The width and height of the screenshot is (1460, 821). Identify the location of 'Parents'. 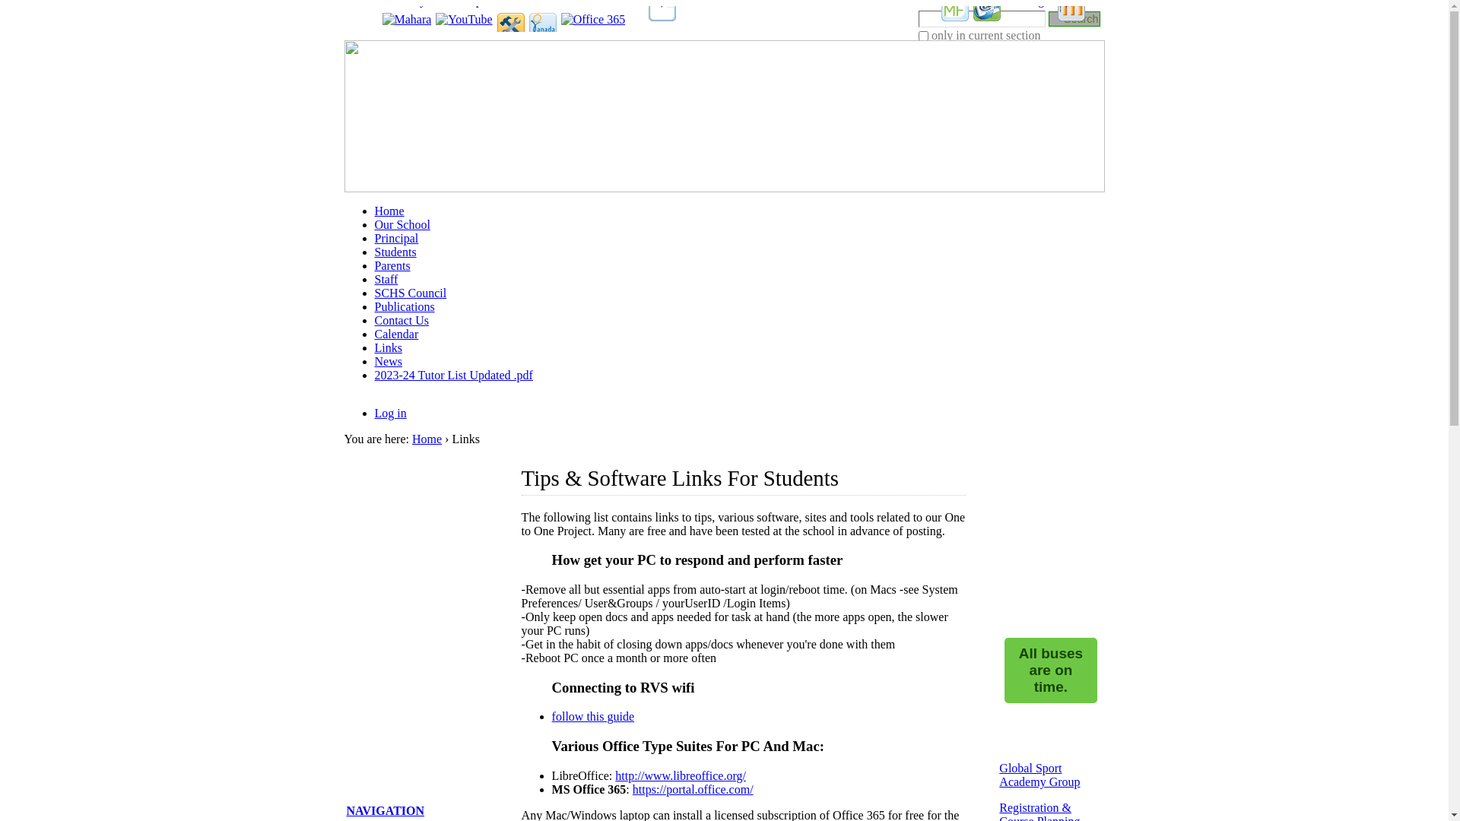
(392, 265).